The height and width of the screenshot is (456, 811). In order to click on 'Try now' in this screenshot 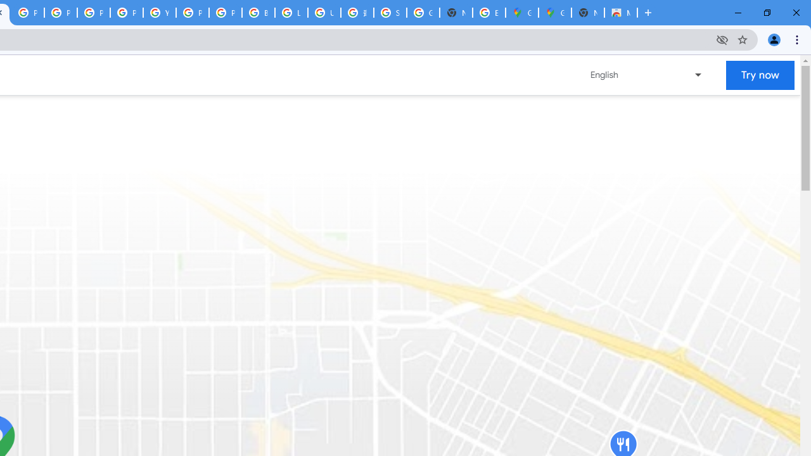, I will do `click(760, 75)`.